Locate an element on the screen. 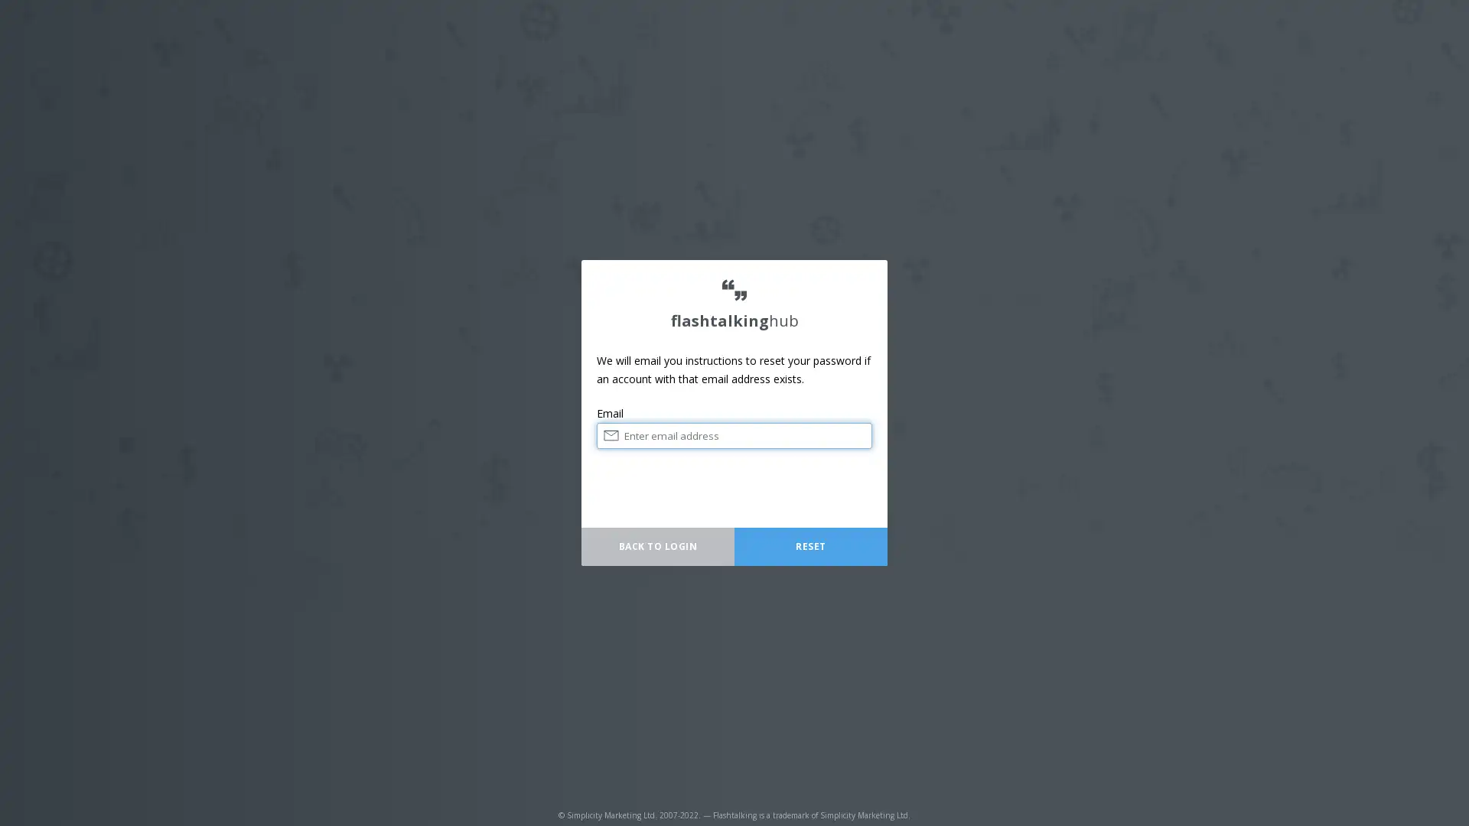  BACK TO LOGIN is located at coordinates (657, 545).